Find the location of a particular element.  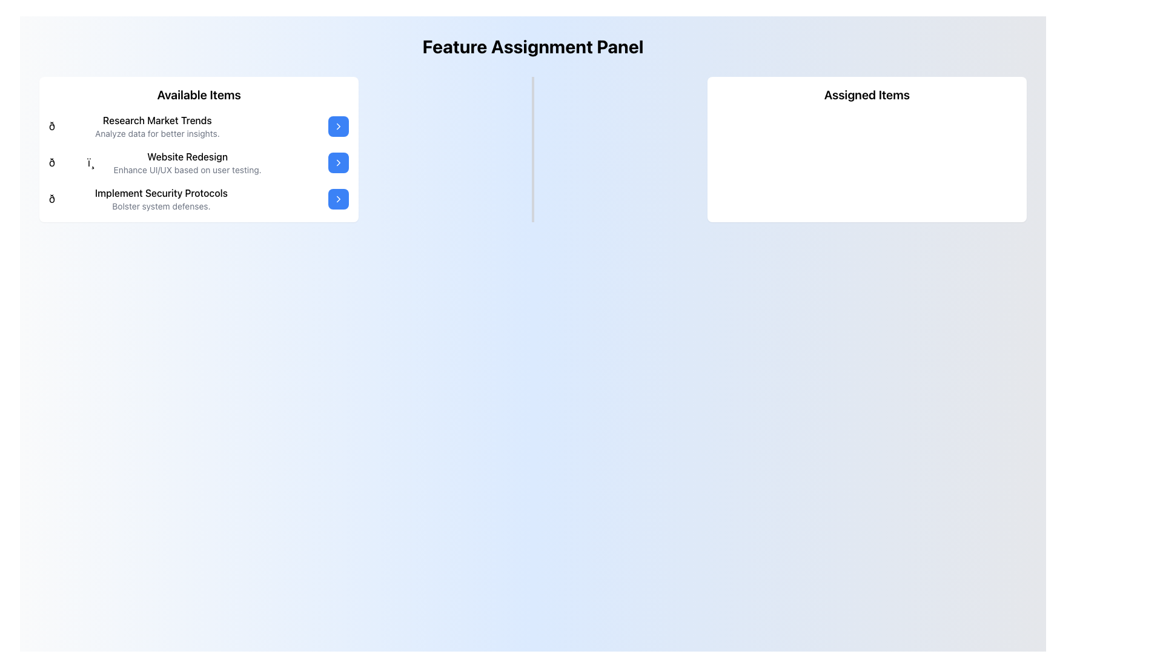

the blue rectangular button with rounded corners that features a white outlined rightward arrow icon, located to the far right of the 'Implement Security Protocols' item in the 'Available Items' section is located at coordinates (339, 198).